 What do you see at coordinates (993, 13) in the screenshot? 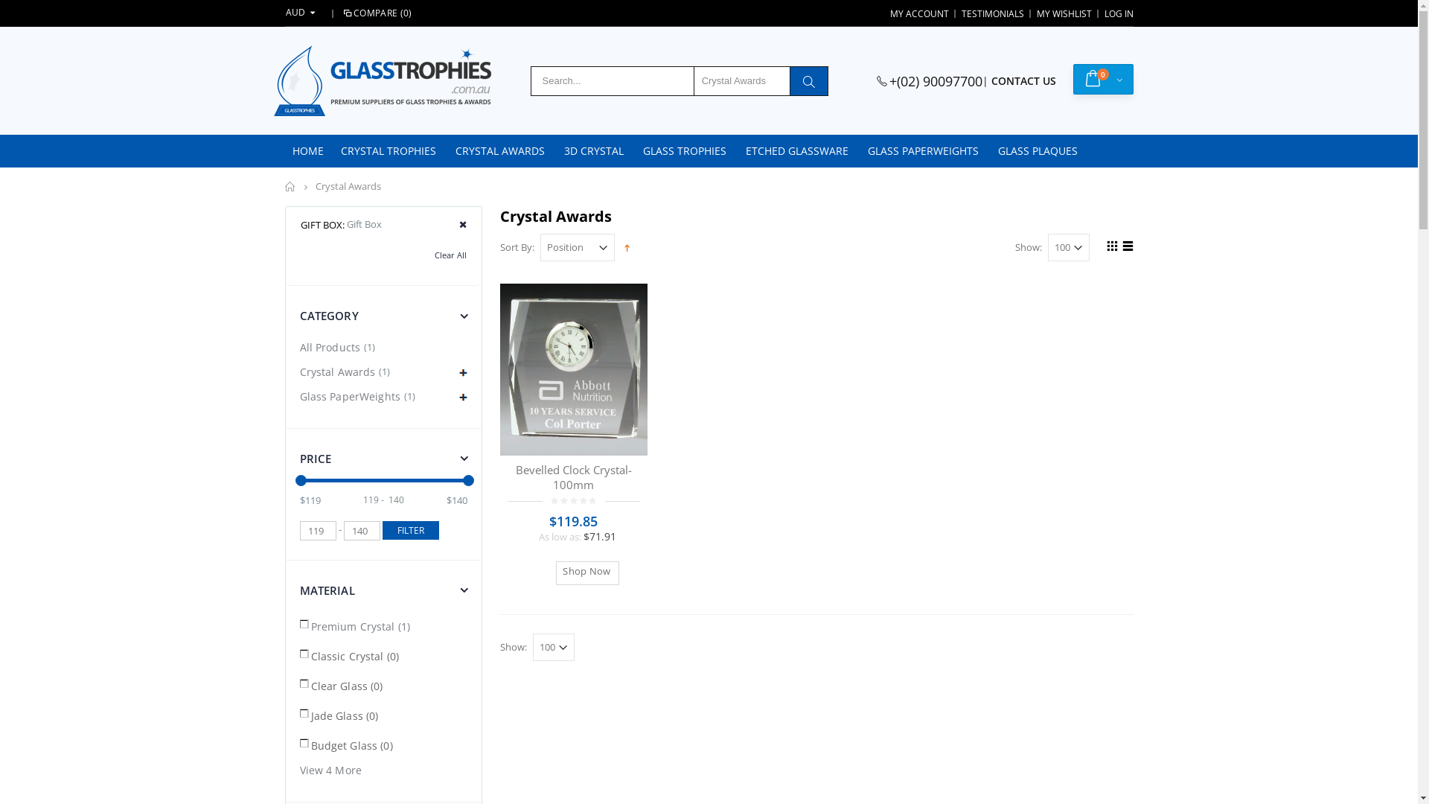
I see `'TESTIMONIALS'` at bounding box center [993, 13].